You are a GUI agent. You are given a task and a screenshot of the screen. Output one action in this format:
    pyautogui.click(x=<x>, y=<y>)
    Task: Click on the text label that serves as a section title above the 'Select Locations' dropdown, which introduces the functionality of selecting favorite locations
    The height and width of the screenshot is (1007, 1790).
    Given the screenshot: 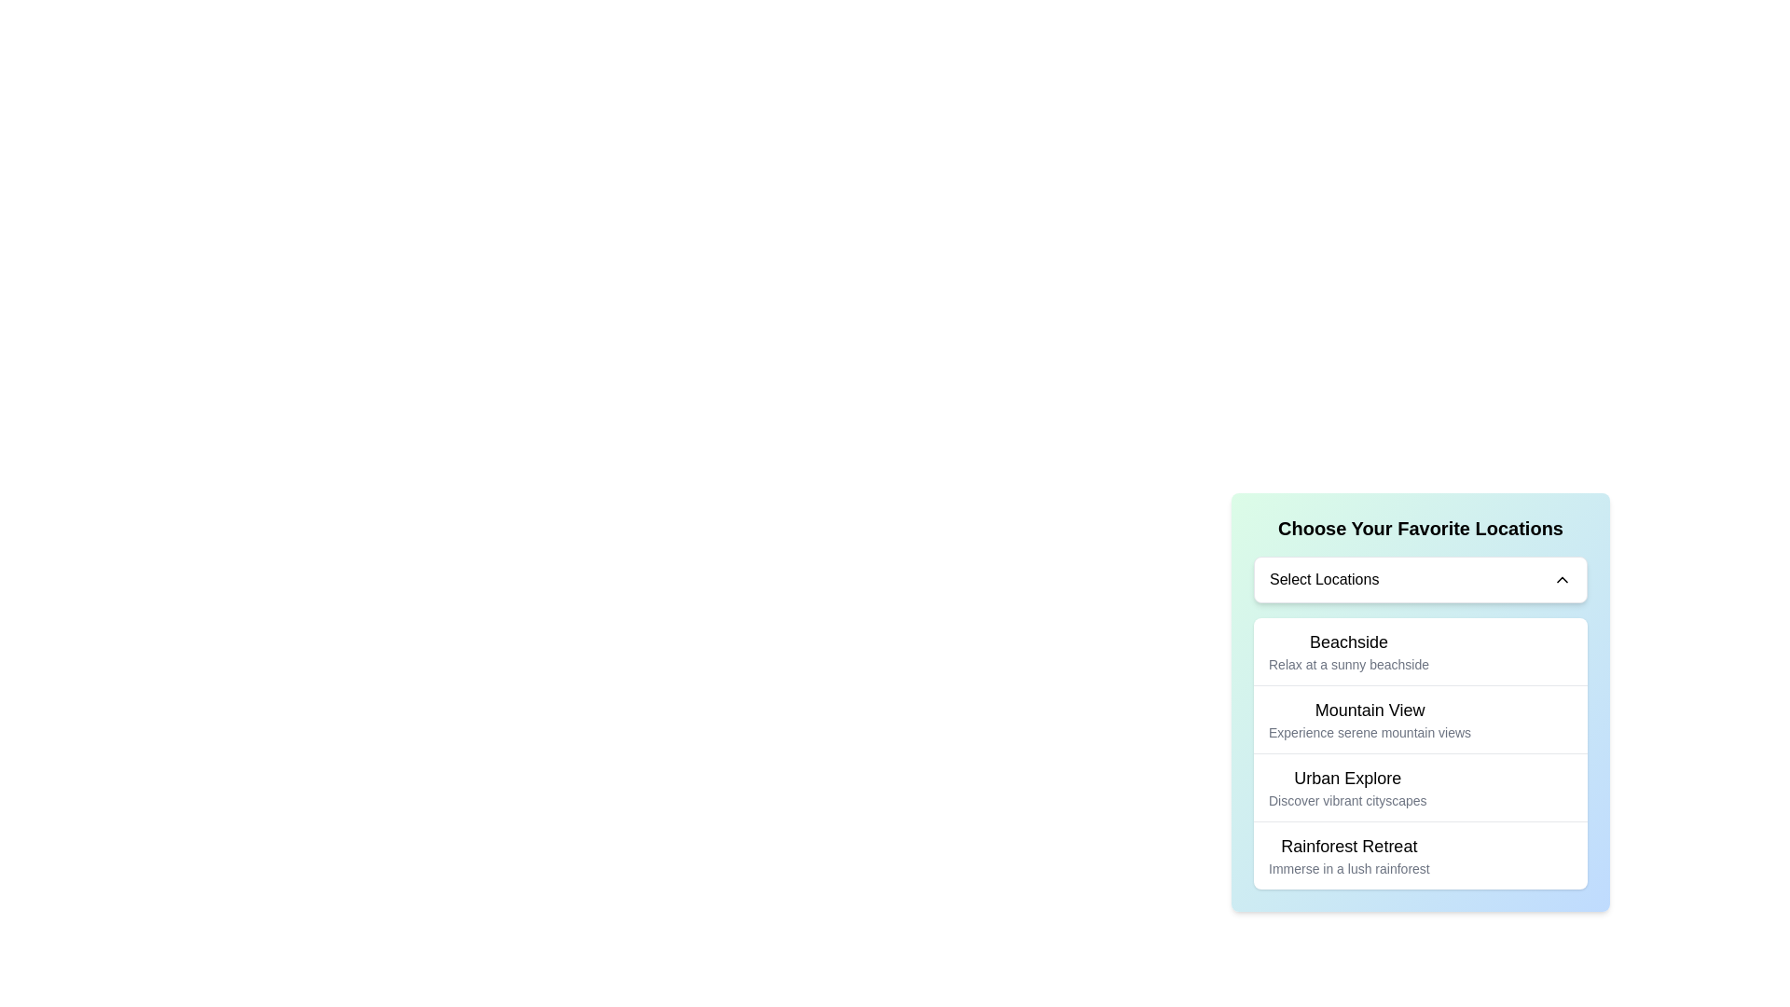 What is the action you would take?
    pyautogui.click(x=1419, y=529)
    